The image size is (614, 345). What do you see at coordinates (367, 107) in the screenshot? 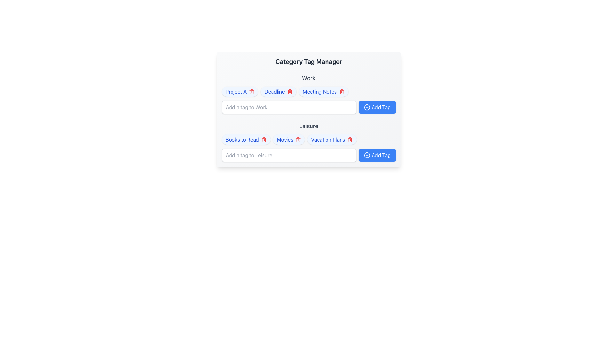
I see `the circular Decorative SVG component with a blue outline and a white fill, which is part of the 'Add Tag' icon button for adding tags in the 'Work' category` at bounding box center [367, 107].